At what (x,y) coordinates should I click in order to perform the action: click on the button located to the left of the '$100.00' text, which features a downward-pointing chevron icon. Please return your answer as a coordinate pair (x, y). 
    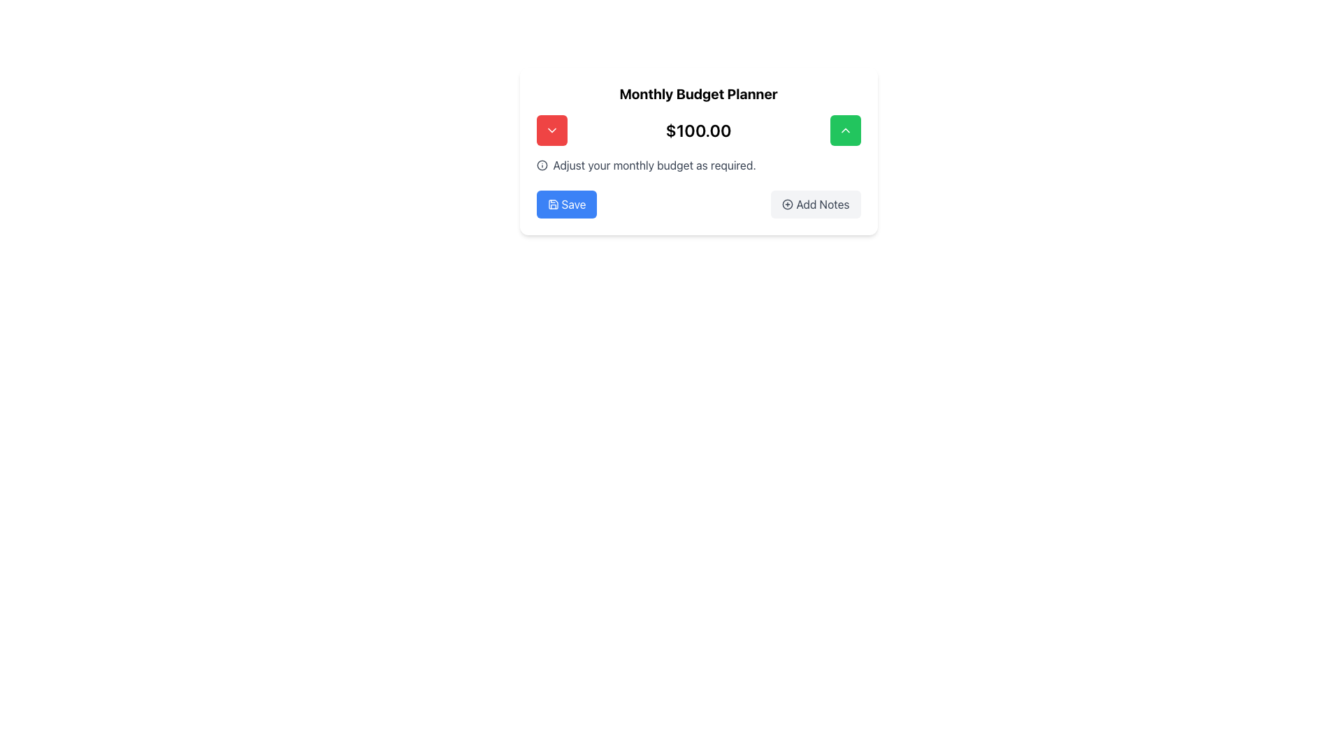
    Looking at the image, I should click on (551, 130).